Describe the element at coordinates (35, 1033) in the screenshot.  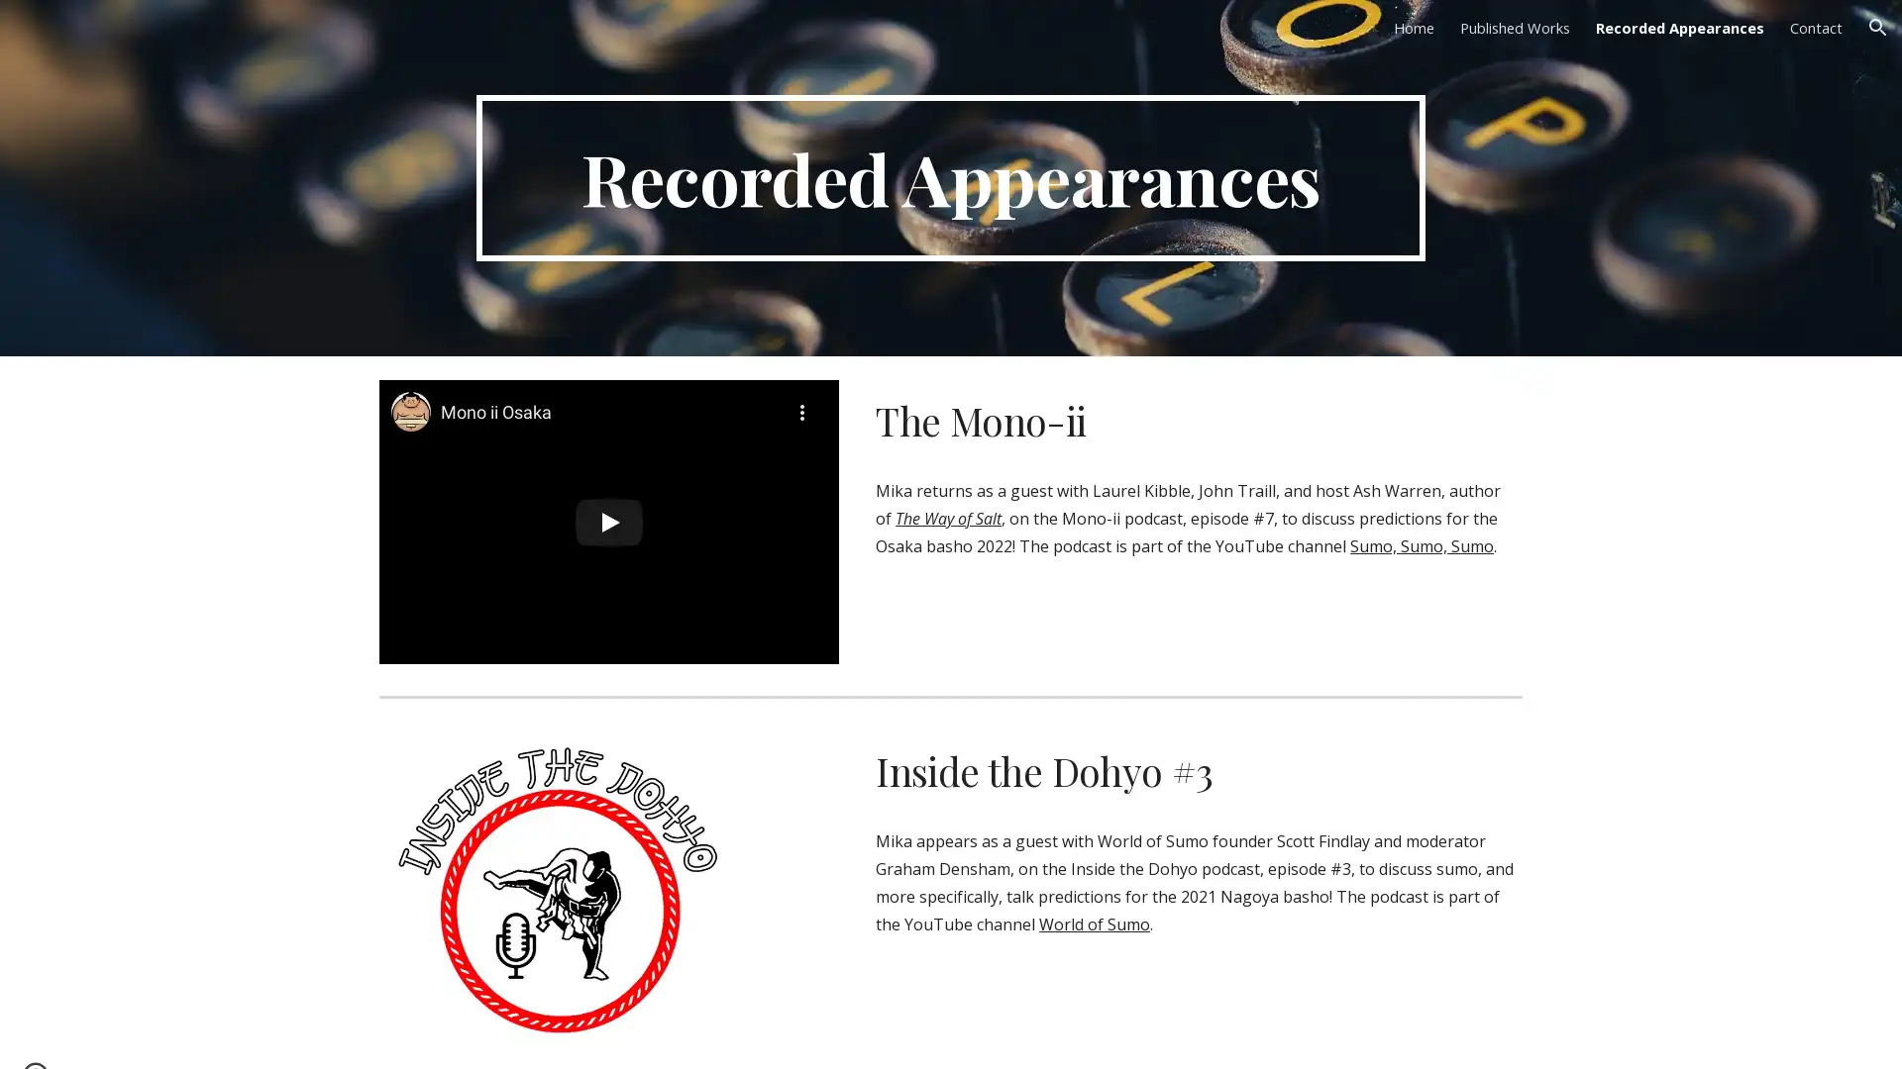
I see `Site actions` at that location.